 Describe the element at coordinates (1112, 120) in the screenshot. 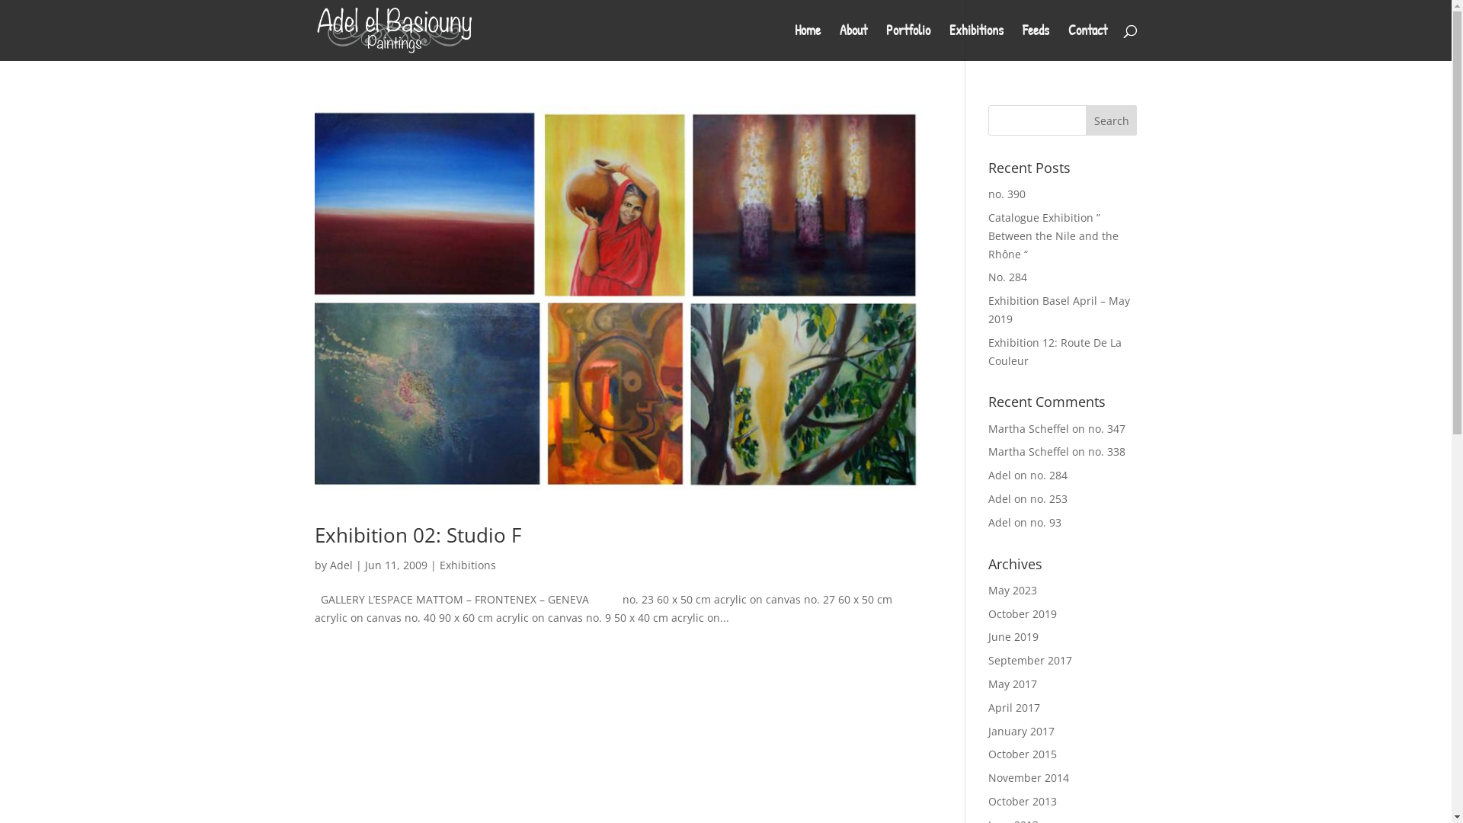

I see `'Search'` at that location.